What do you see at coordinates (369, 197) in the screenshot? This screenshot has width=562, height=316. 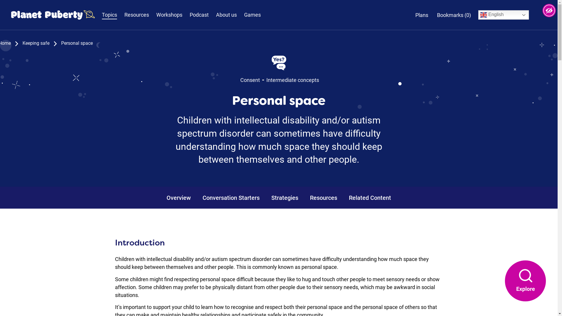 I see `'Related Content'` at bounding box center [369, 197].